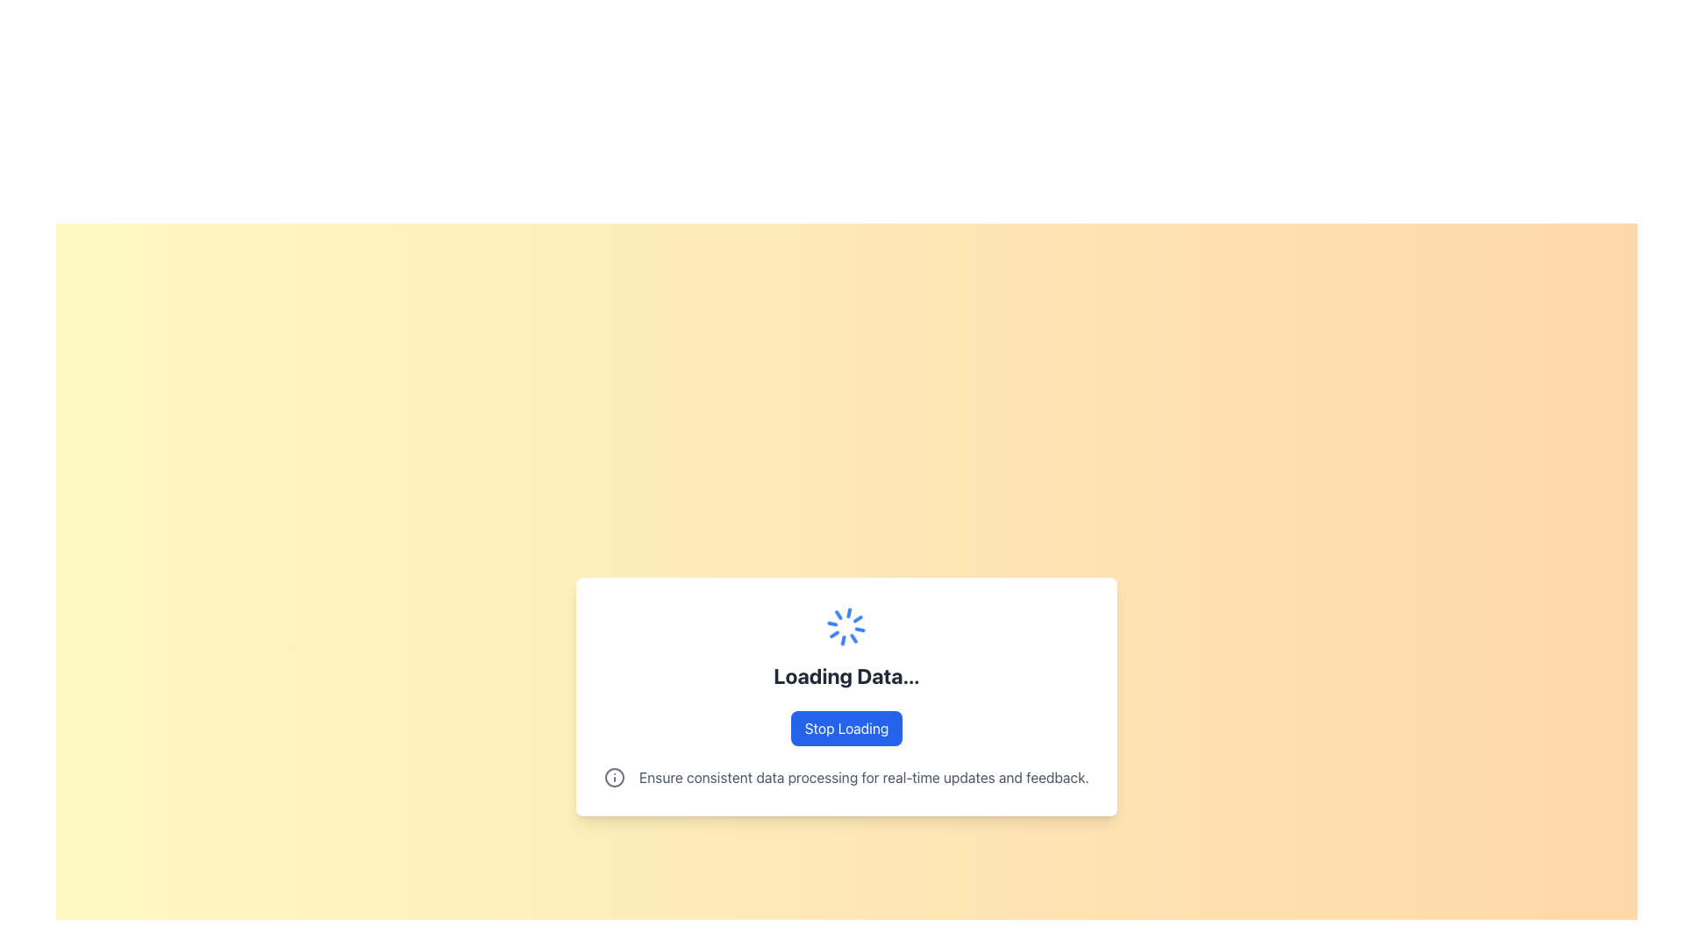  What do you see at coordinates (846, 728) in the screenshot?
I see `the button located within the white card panel to interrupt the current loading process, which is positioned below the loading spinner and 'Loading Data...' text` at bounding box center [846, 728].